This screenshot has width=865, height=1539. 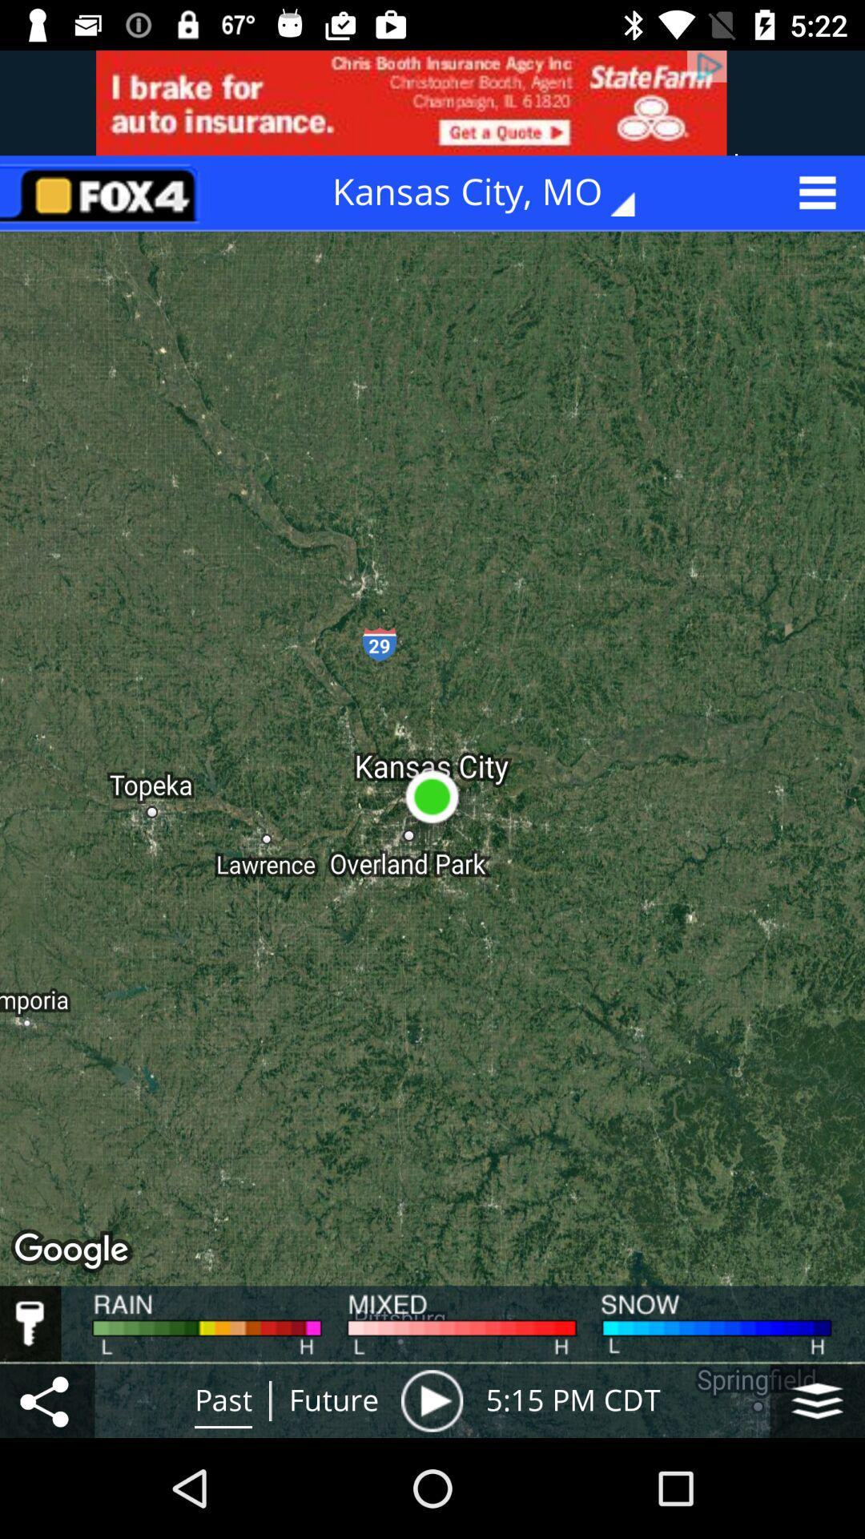 What do you see at coordinates (46, 1400) in the screenshot?
I see `share localization` at bounding box center [46, 1400].